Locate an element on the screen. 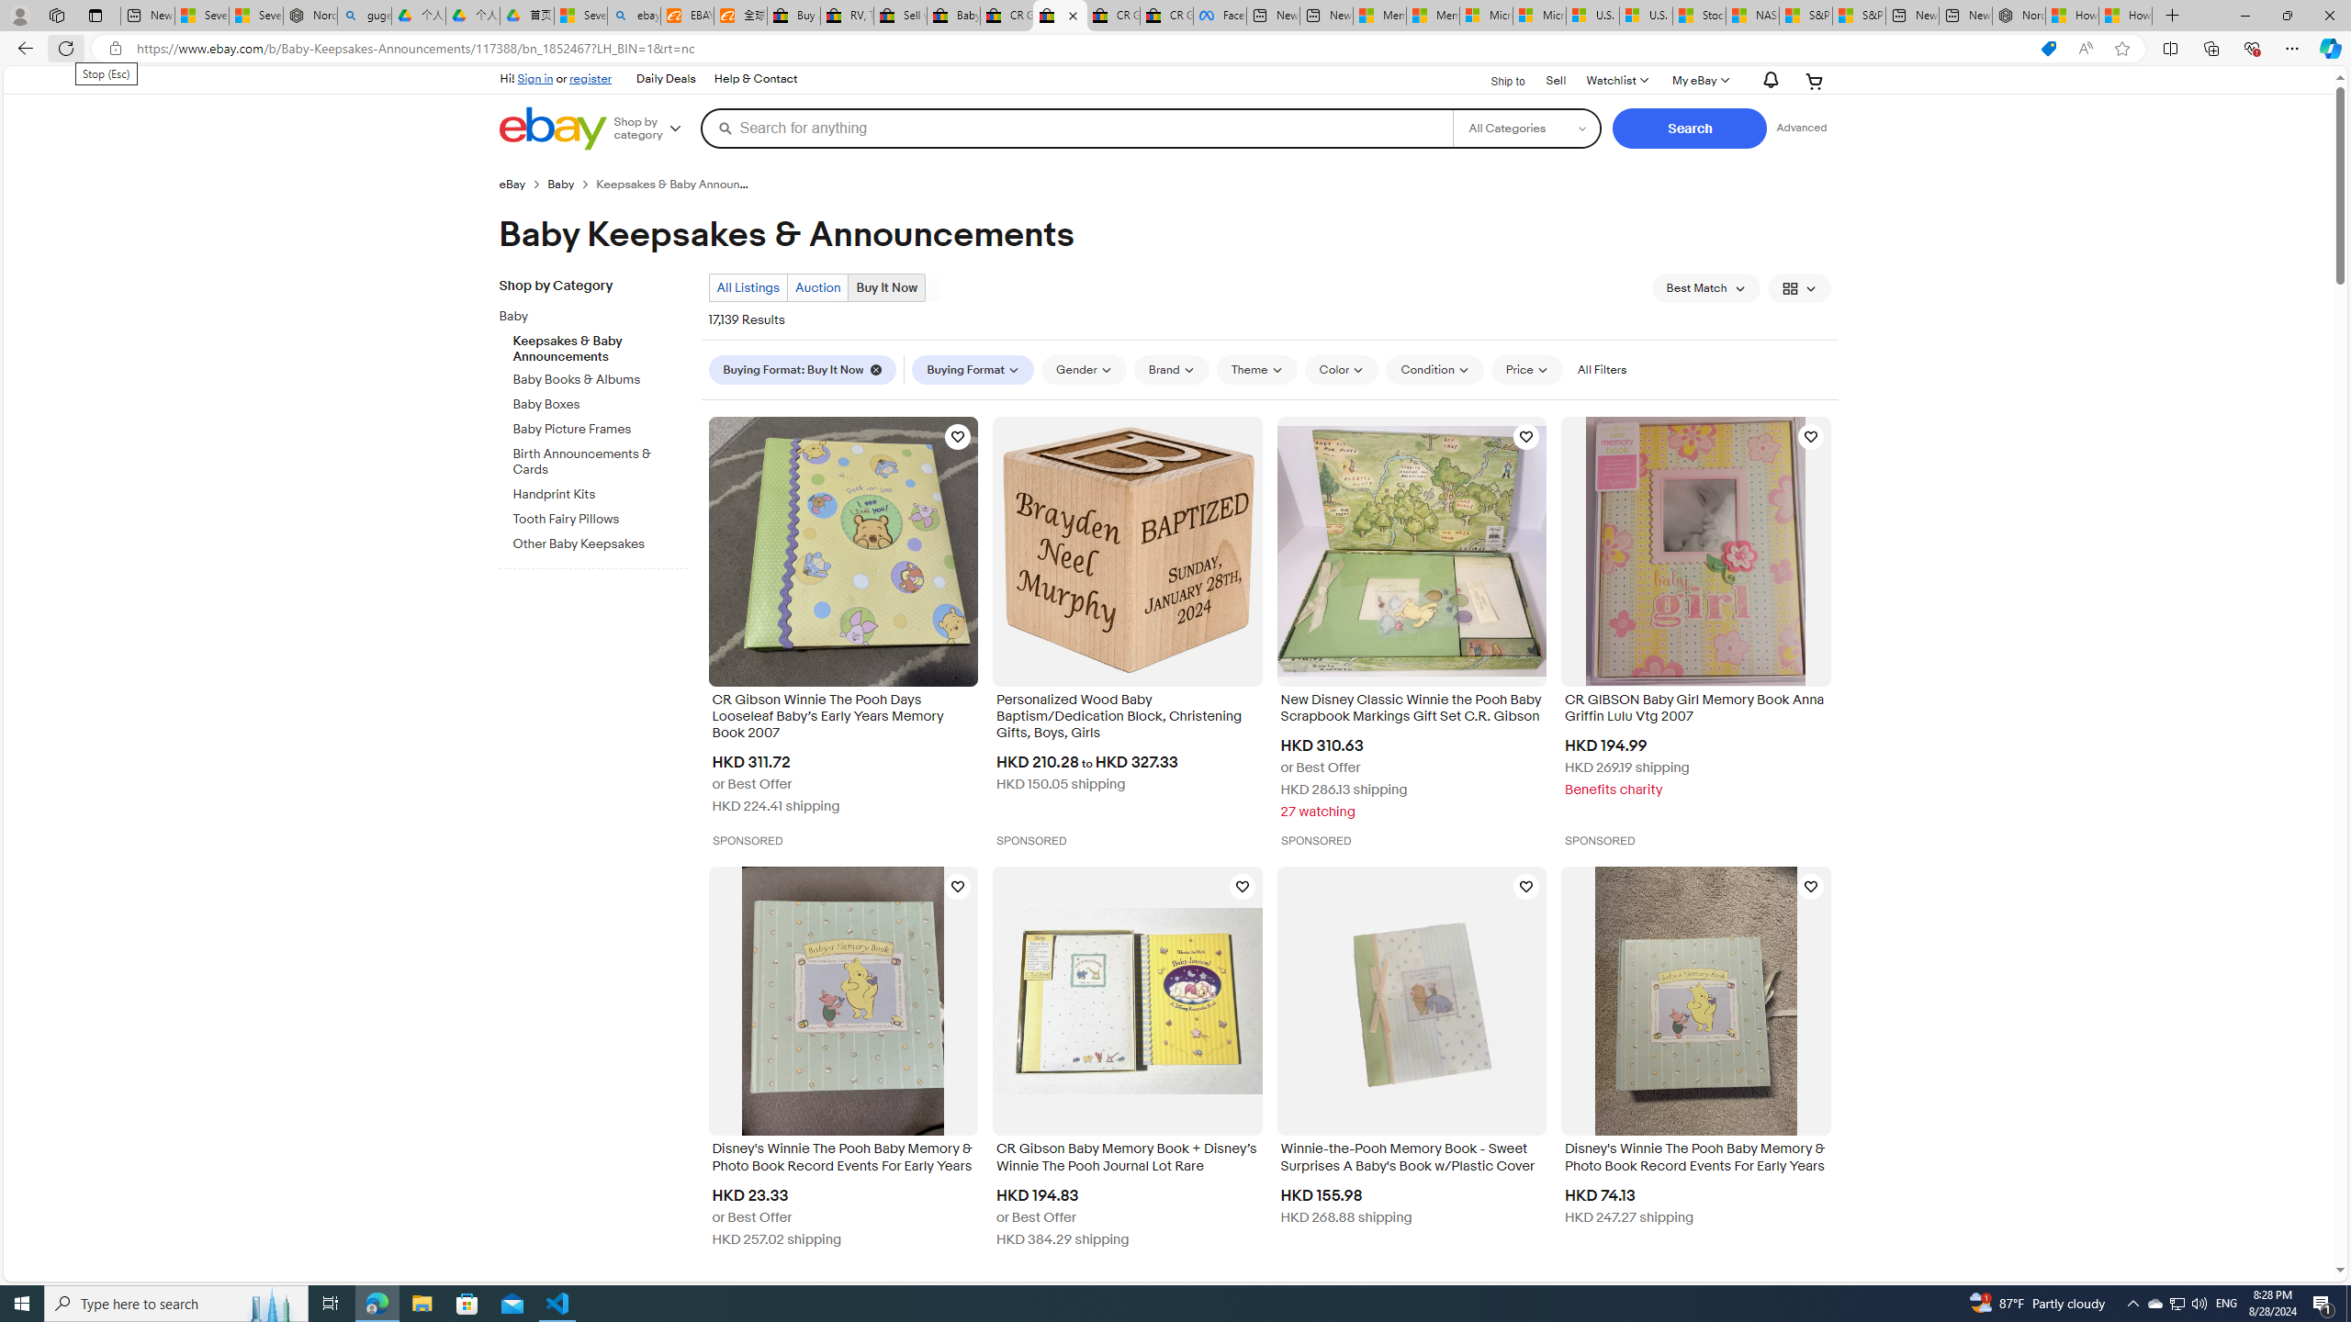  'Handprint Kits' is located at coordinates (600, 489).